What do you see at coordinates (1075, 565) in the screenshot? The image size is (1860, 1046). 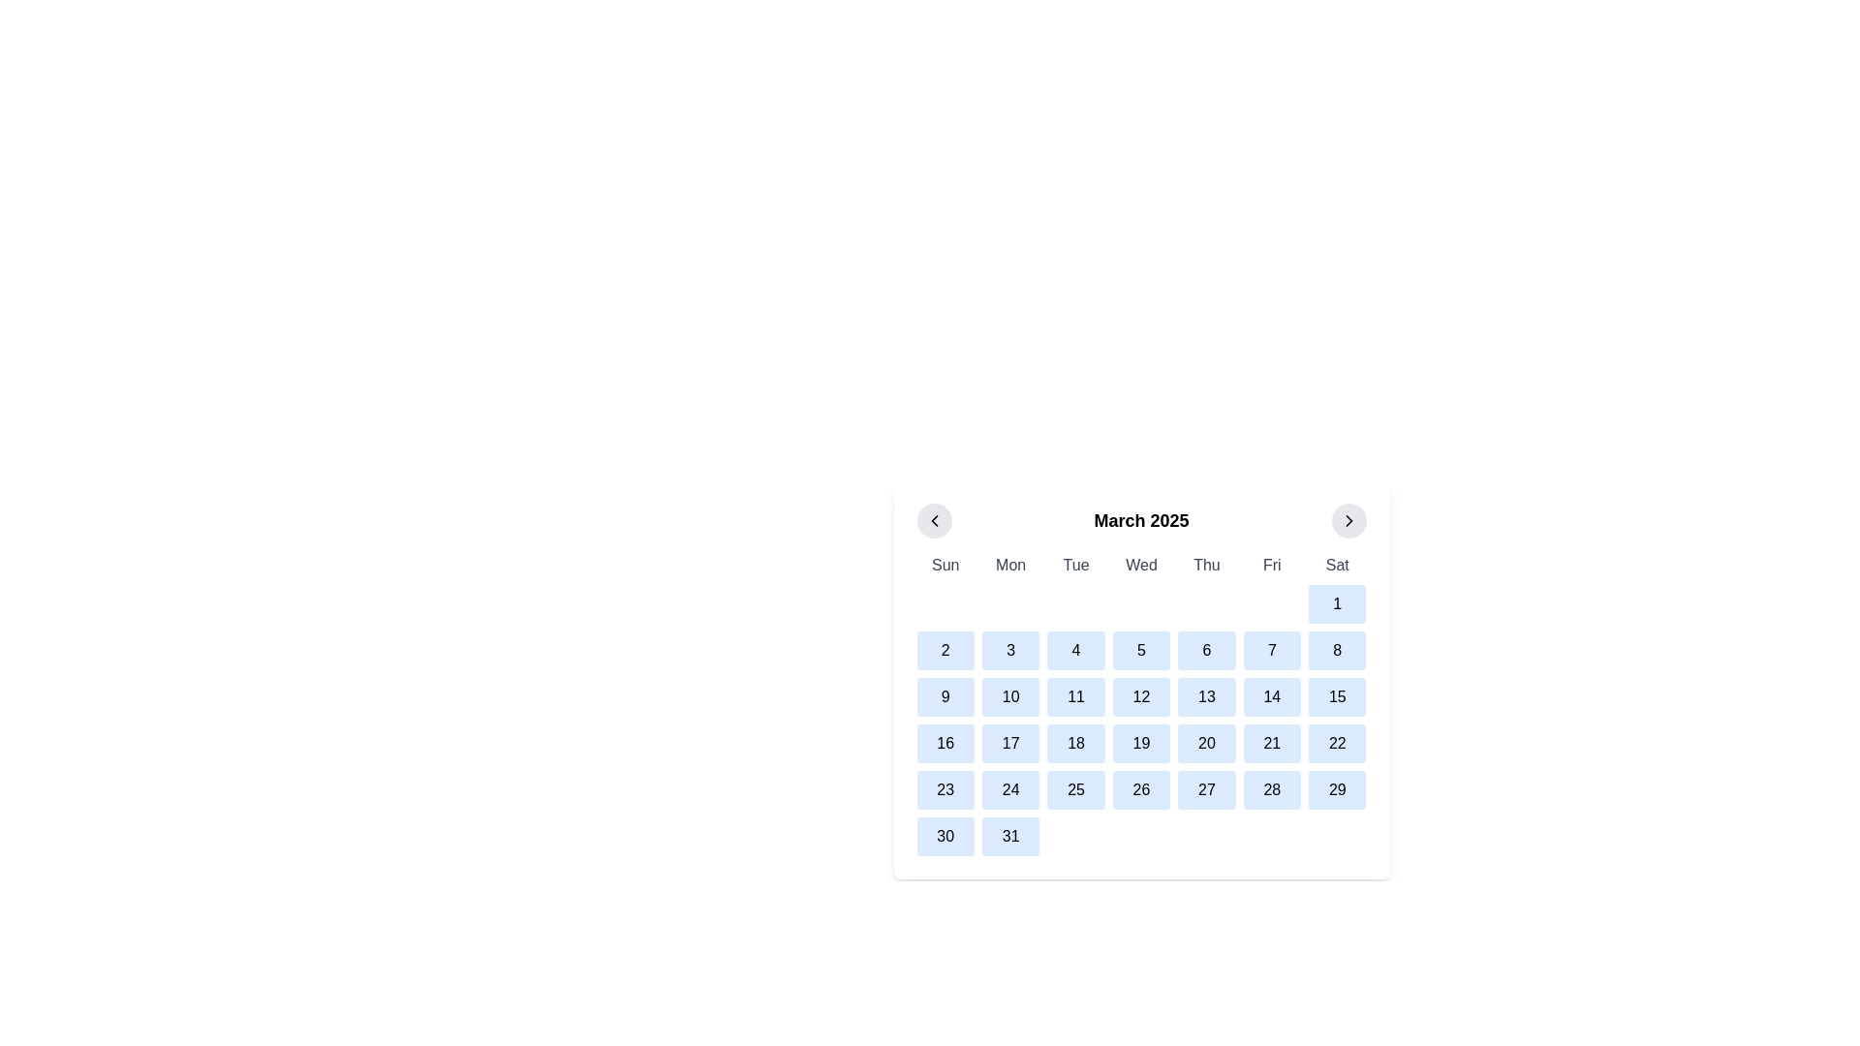 I see `the static label displaying 'Tue', which is the third element in the weekly header row of the calendar interface` at bounding box center [1075, 565].